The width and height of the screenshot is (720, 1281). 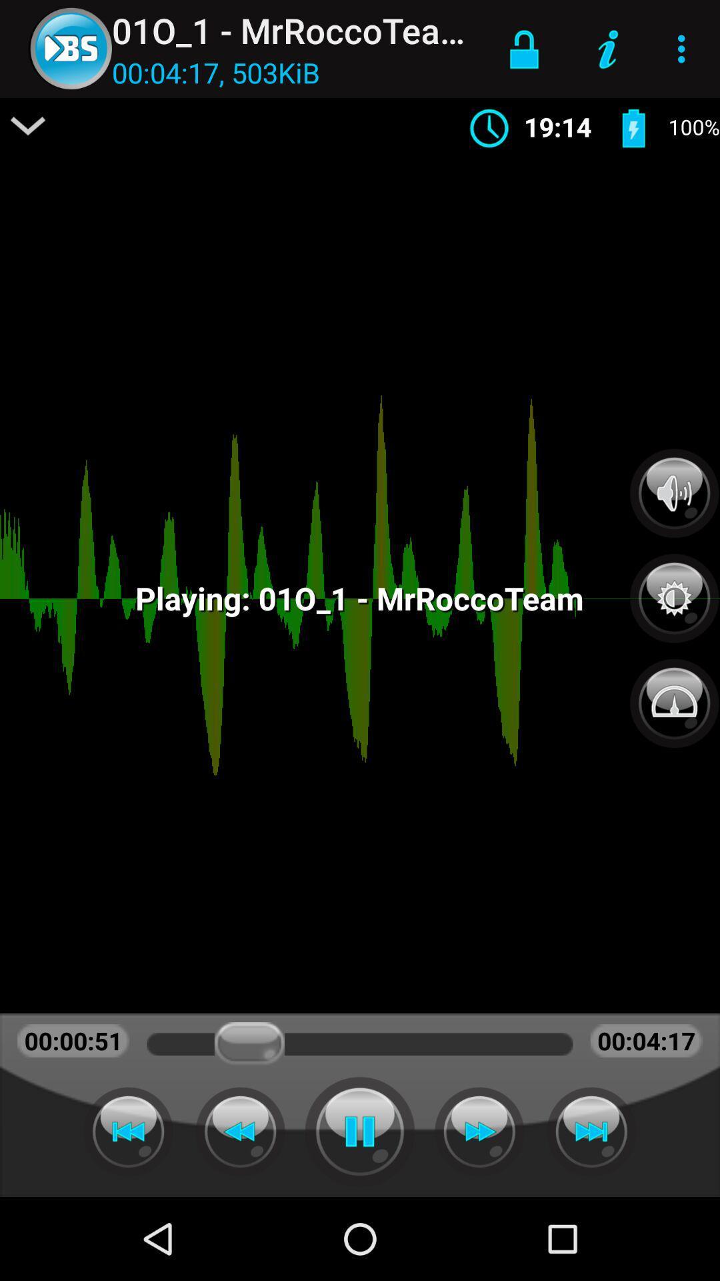 What do you see at coordinates (674, 492) in the screenshot?
I see `adjust sound` at bounding box center [674, 492].